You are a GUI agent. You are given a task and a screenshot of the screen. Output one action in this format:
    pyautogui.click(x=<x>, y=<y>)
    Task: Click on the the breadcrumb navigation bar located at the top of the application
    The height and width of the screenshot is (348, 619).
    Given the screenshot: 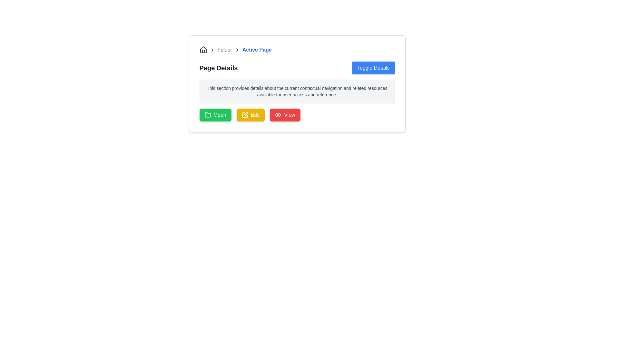 What is the action you would take?
    pyautogui.click(x=297, y=49)
    